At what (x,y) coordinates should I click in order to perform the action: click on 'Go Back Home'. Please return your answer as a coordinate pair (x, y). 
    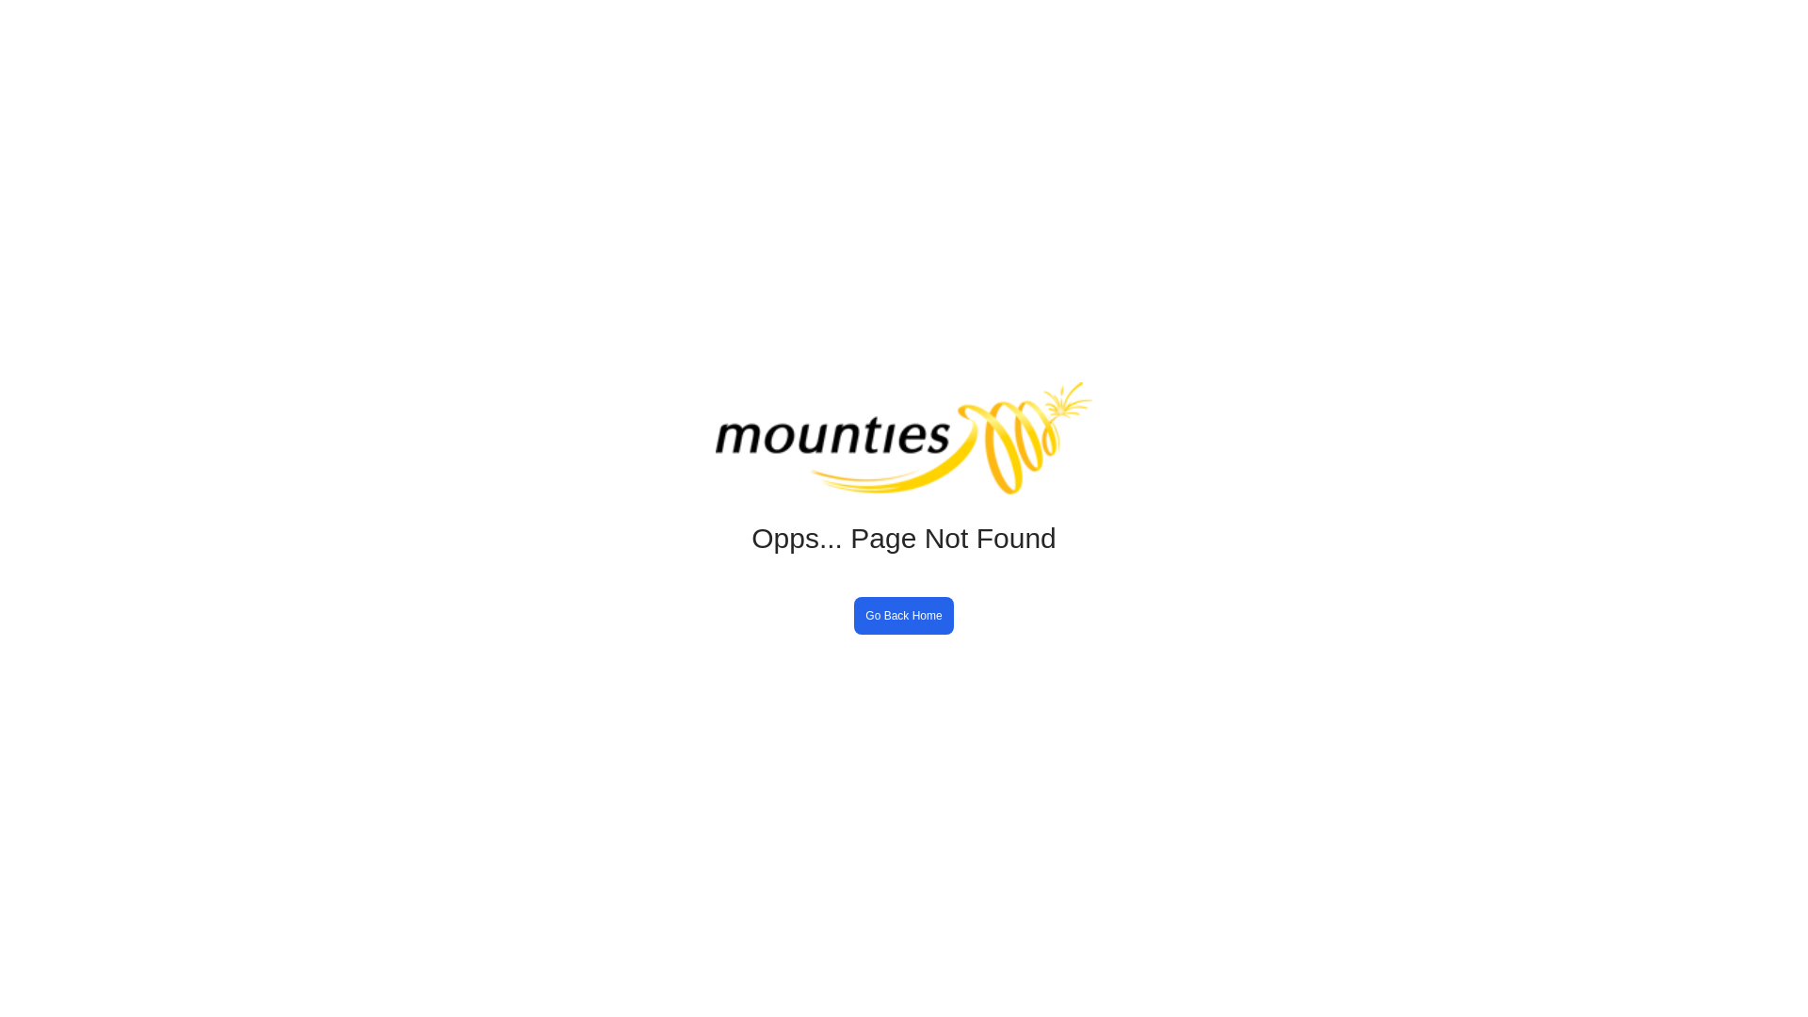
    Looking at the image, I should click on (902, 606).